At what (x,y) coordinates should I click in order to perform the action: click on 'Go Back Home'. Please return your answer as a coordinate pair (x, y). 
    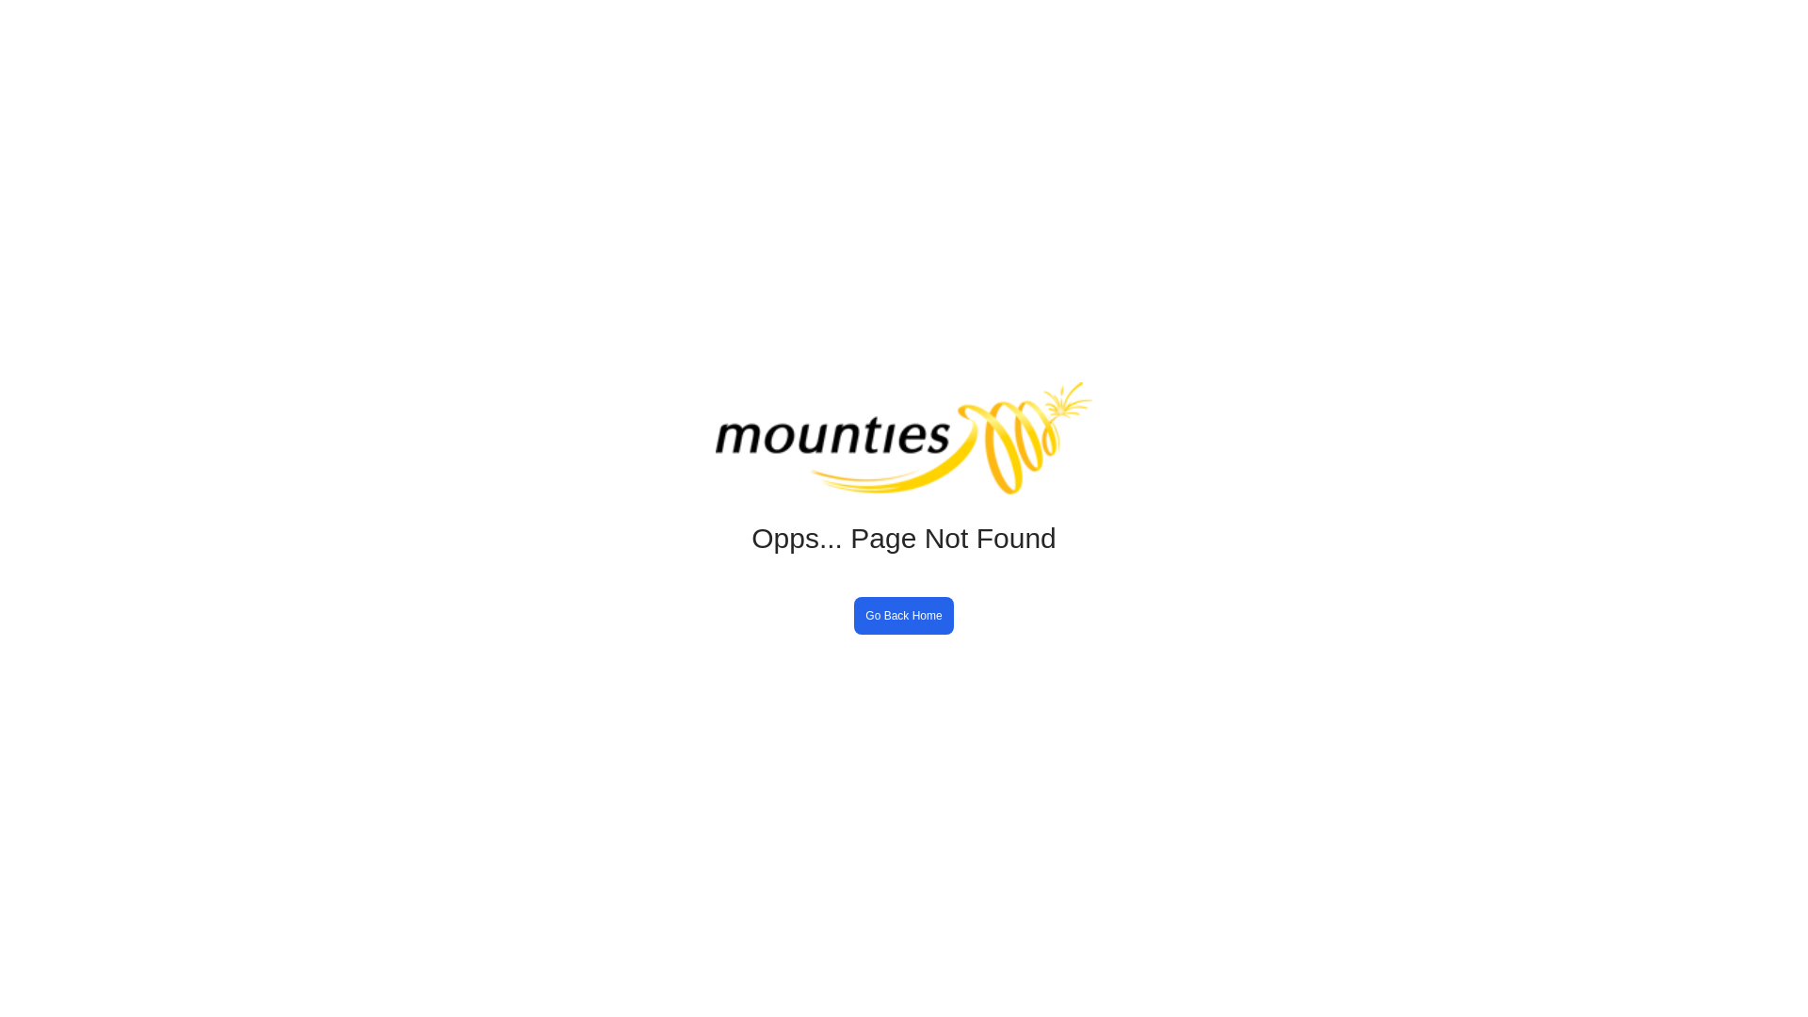
    Looking at the image, I should click on (902, 606).